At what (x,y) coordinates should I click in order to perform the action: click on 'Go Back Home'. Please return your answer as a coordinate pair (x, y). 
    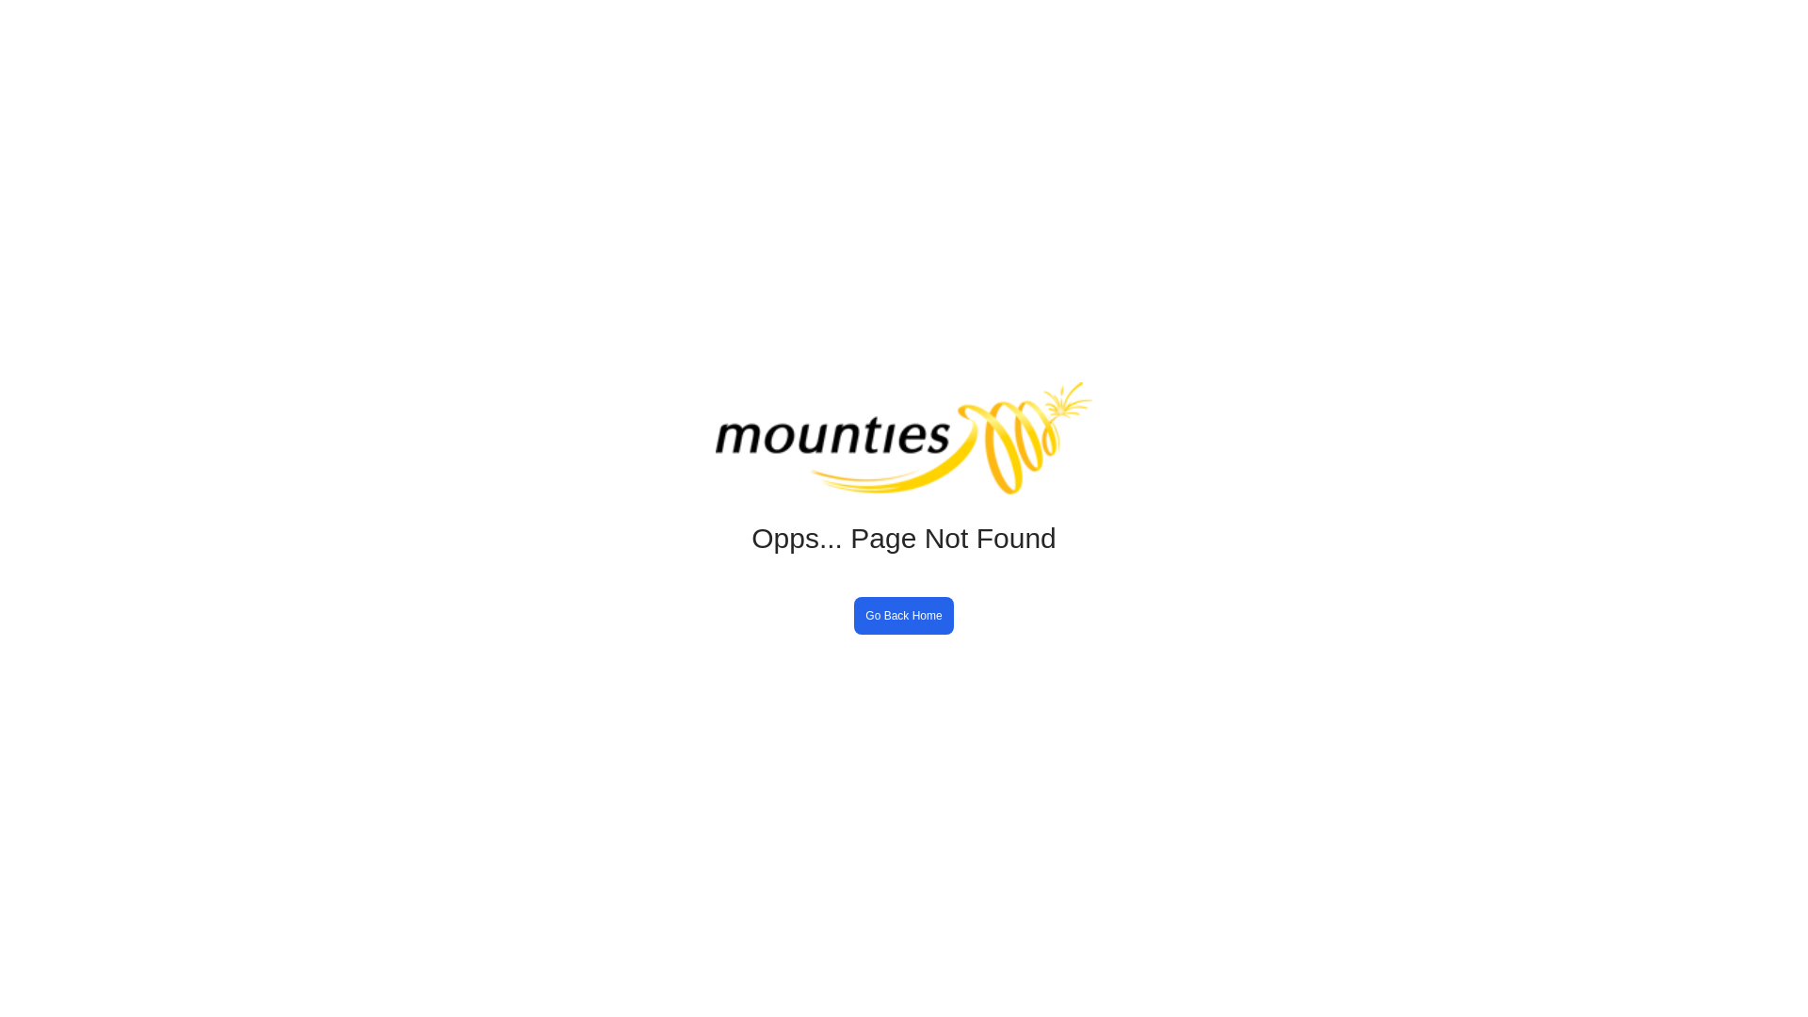
    Looking at the image, I should click on (902, 606).